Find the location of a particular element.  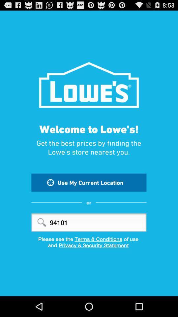

the item above or icon is located at coordinates (89, 182).